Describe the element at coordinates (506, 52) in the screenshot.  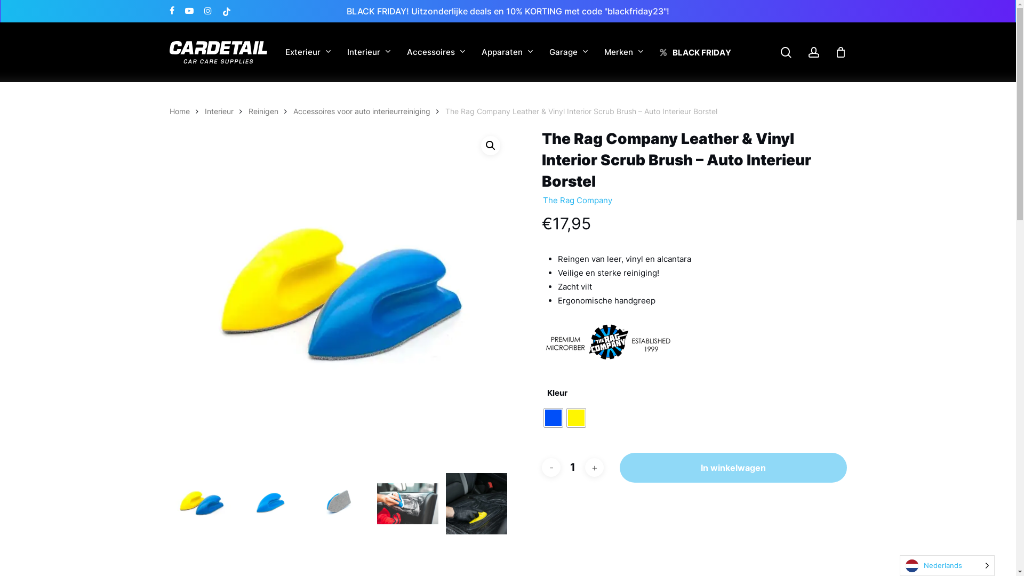
I see `'Apparaten'` at that location.